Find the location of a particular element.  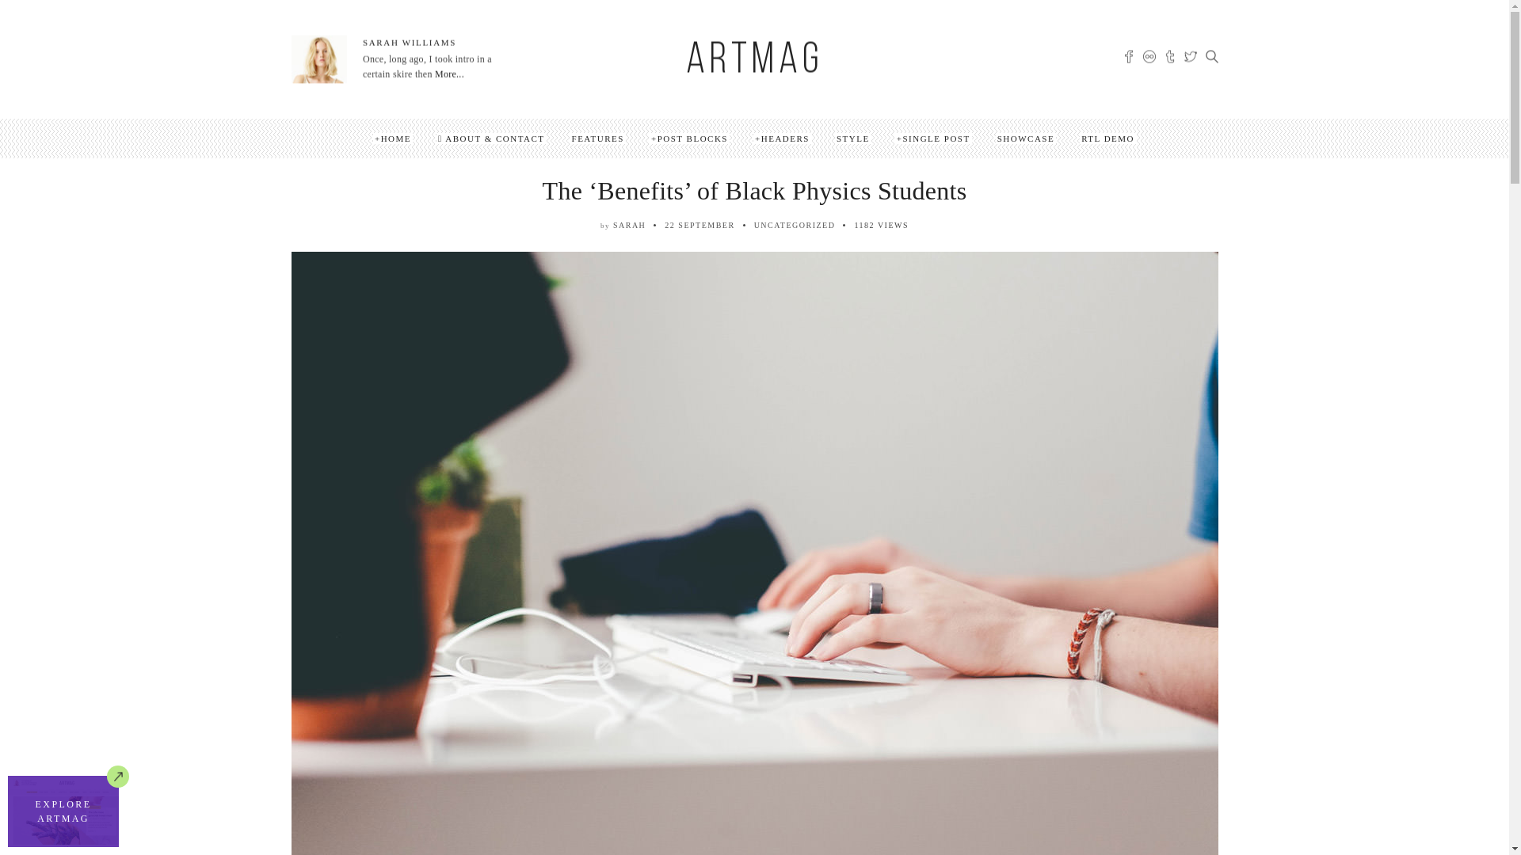

'ARTMAG' is located at coordinates (753, 60).